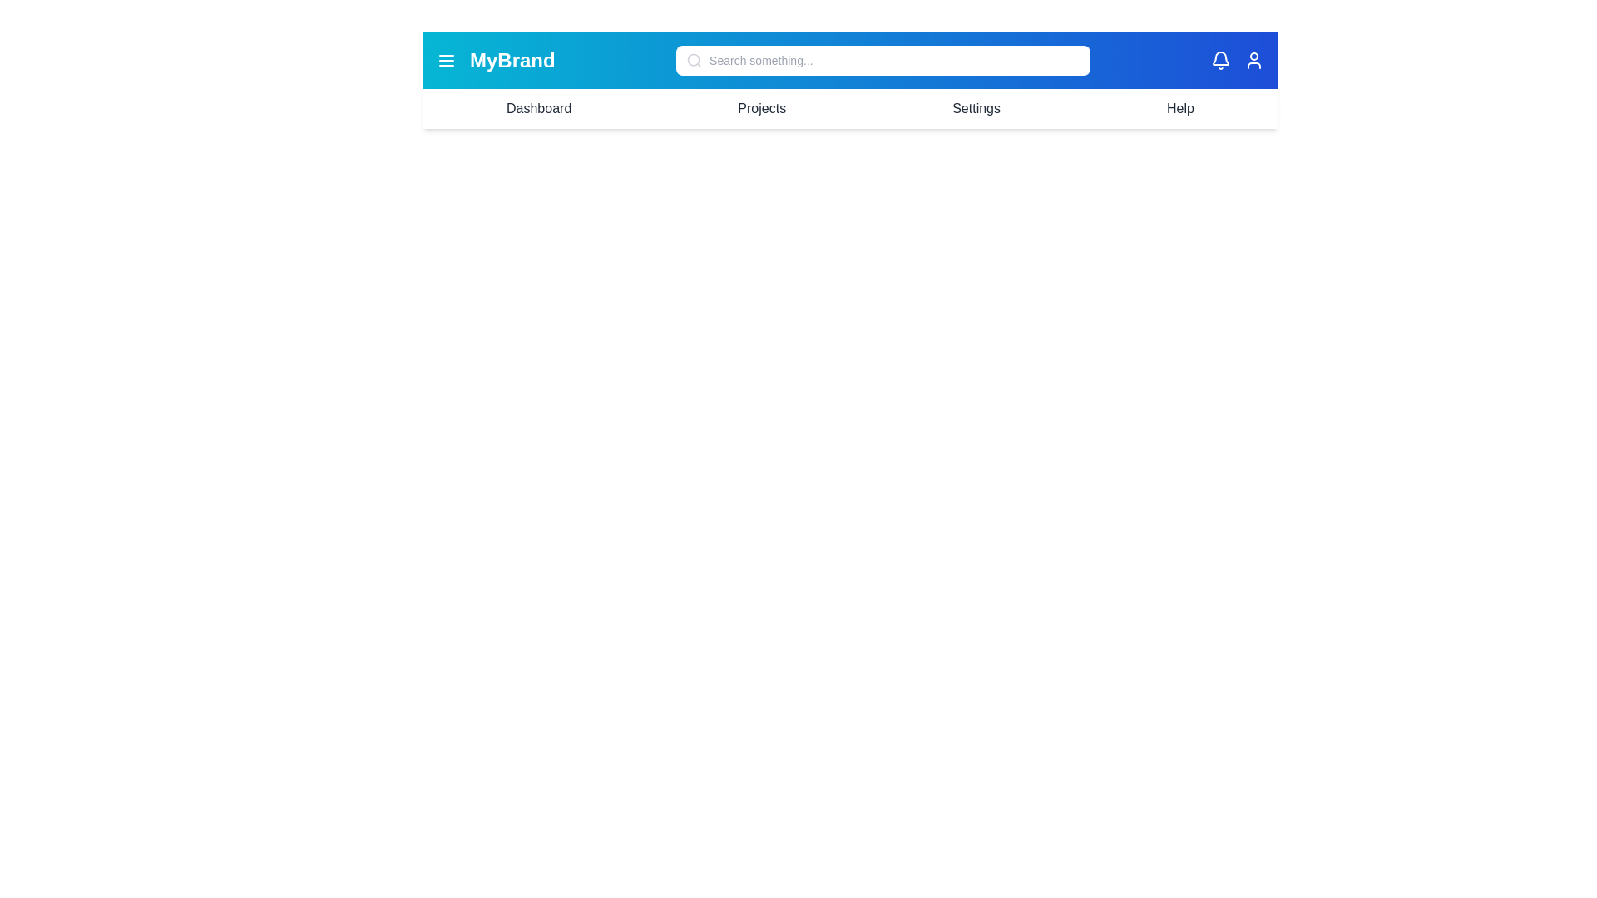 The width and height of the screenshot is (1597, 898). I want to click on the menu item Projects, so click(761, 109).